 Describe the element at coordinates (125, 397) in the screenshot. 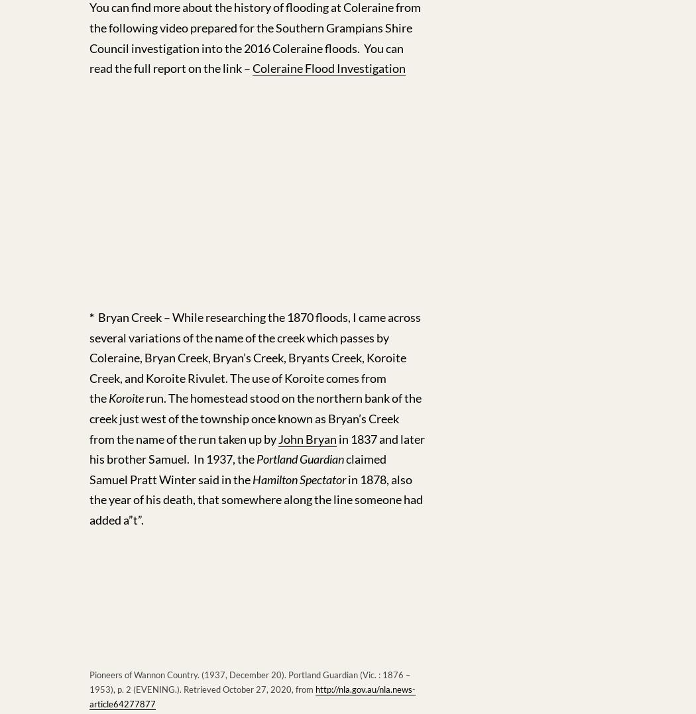

I see `'Koroite'` at that location.